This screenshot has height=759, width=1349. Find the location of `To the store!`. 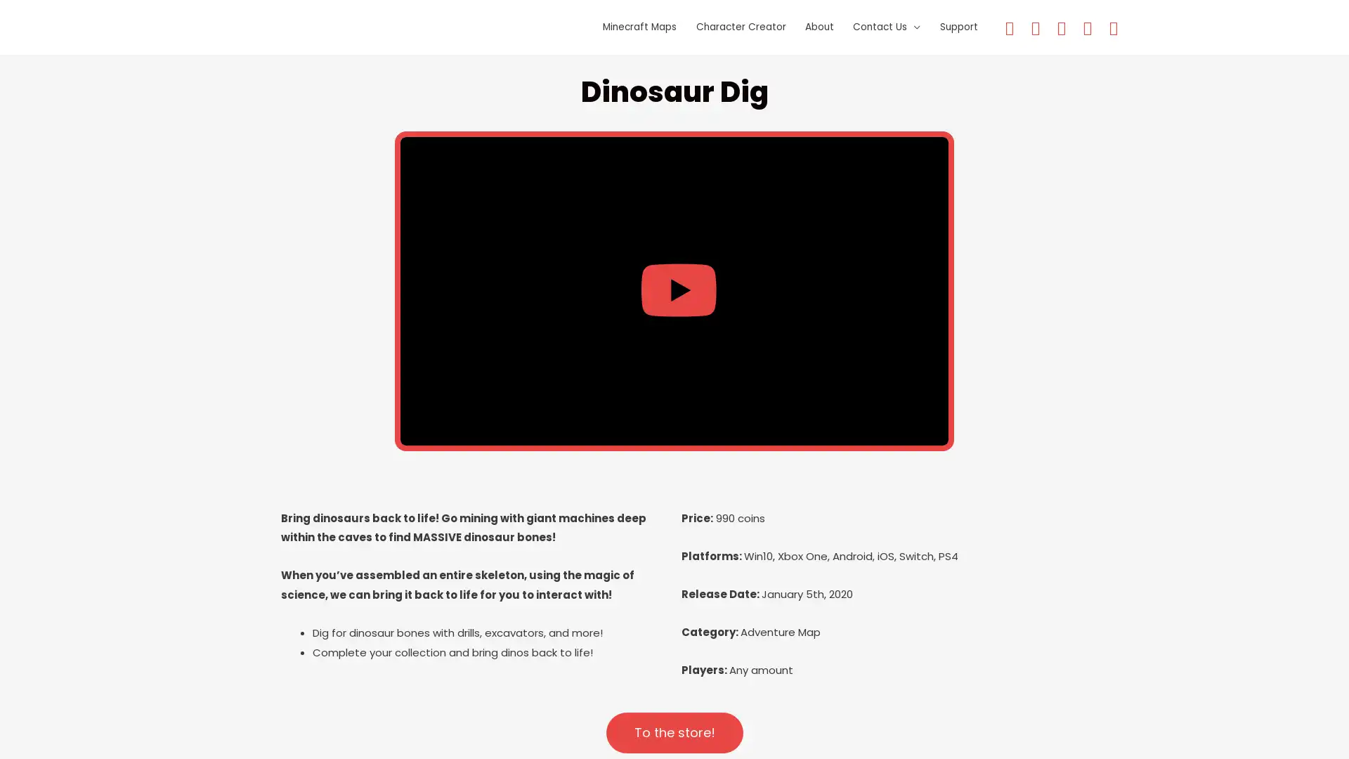

To the store! is located at coordinates (673, 732).